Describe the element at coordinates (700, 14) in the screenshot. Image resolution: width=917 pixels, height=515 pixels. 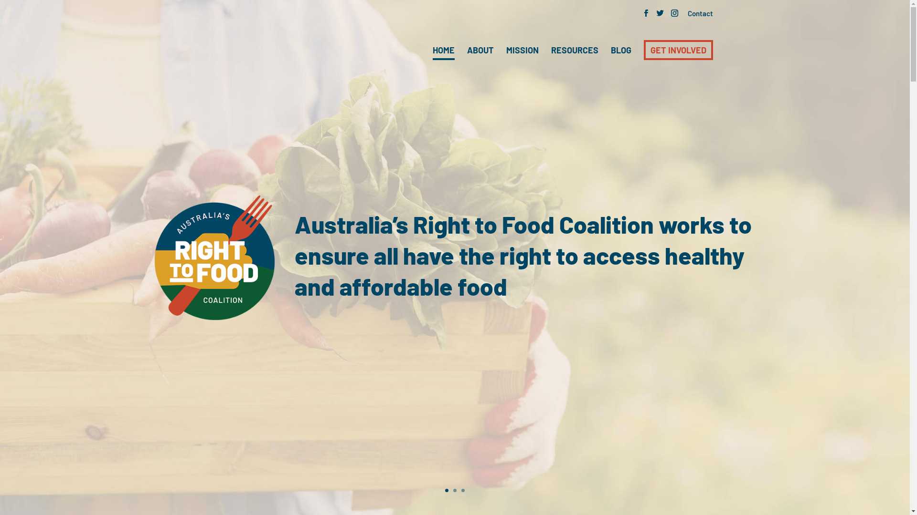
I see `'Contact'` at that location.